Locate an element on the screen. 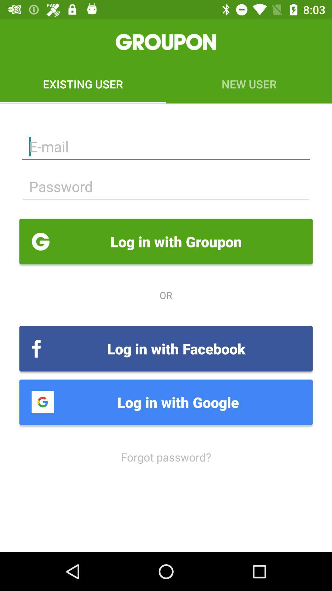 The image size is (332, 591). icon to the right of existing user icon is located at coordinates (249, 84).